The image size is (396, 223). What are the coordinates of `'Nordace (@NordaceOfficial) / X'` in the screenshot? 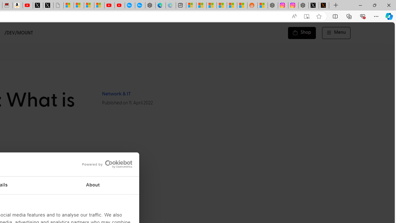 It's located at (314, 5).